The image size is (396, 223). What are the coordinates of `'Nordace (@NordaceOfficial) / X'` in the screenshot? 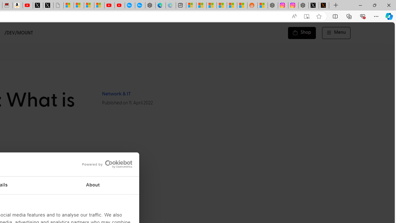 It's located at (314, 5).